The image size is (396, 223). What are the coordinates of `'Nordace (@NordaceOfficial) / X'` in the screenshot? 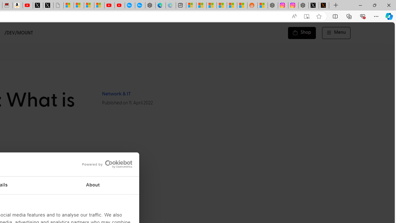 It's located at (314, 5).